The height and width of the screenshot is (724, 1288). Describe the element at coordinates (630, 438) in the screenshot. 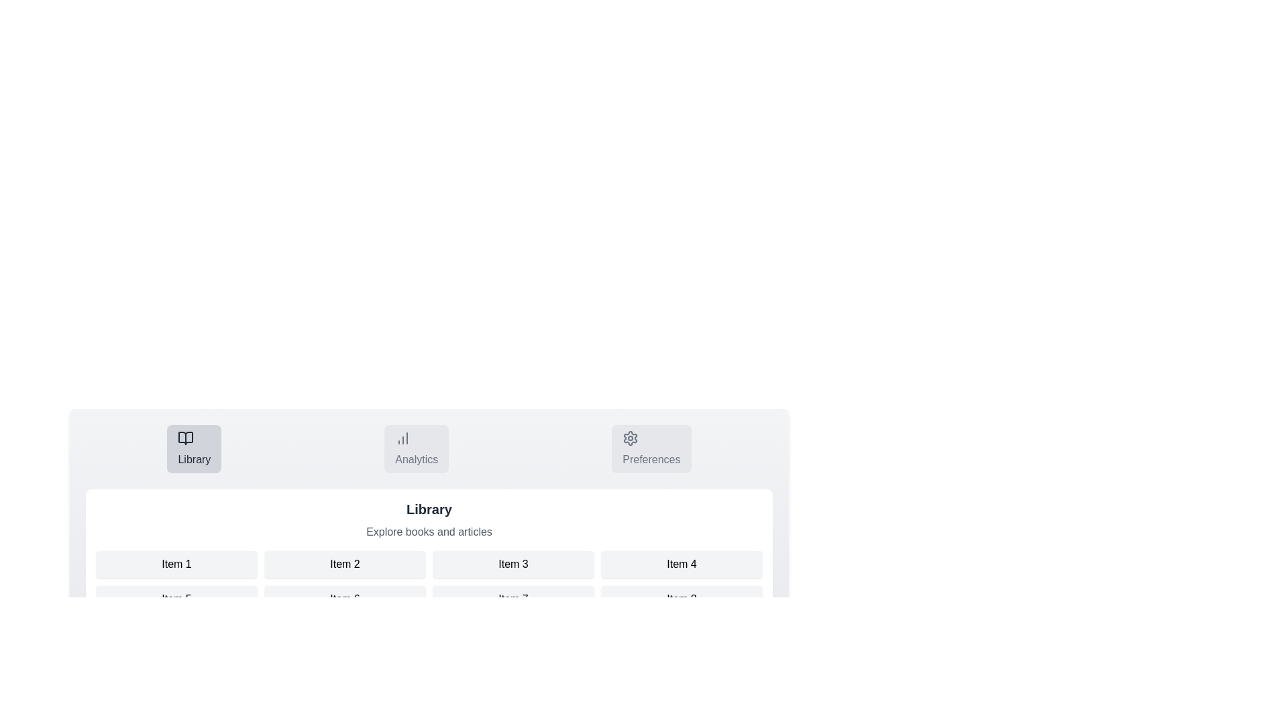

I see `the icon of the Preferences tab to switch to it` at that location.